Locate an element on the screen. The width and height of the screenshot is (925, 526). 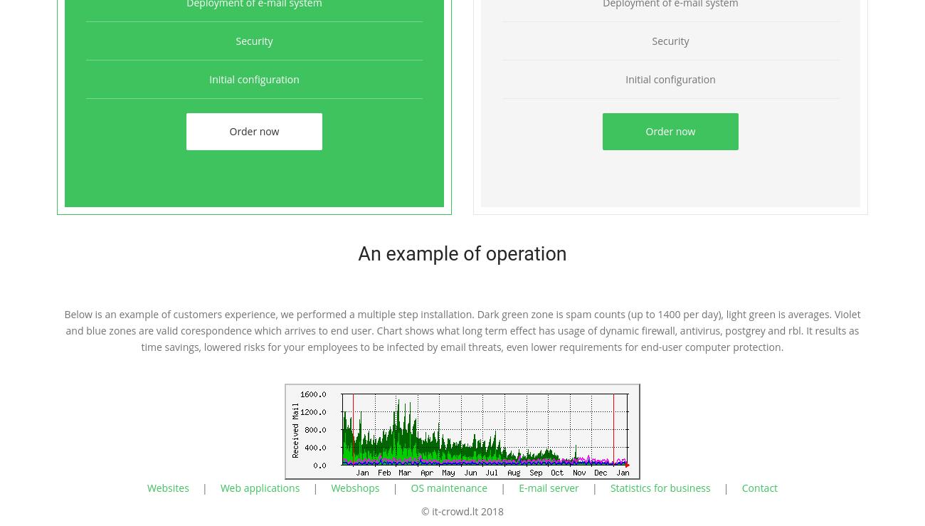
'Contact' is located at coordinates (741, 487).